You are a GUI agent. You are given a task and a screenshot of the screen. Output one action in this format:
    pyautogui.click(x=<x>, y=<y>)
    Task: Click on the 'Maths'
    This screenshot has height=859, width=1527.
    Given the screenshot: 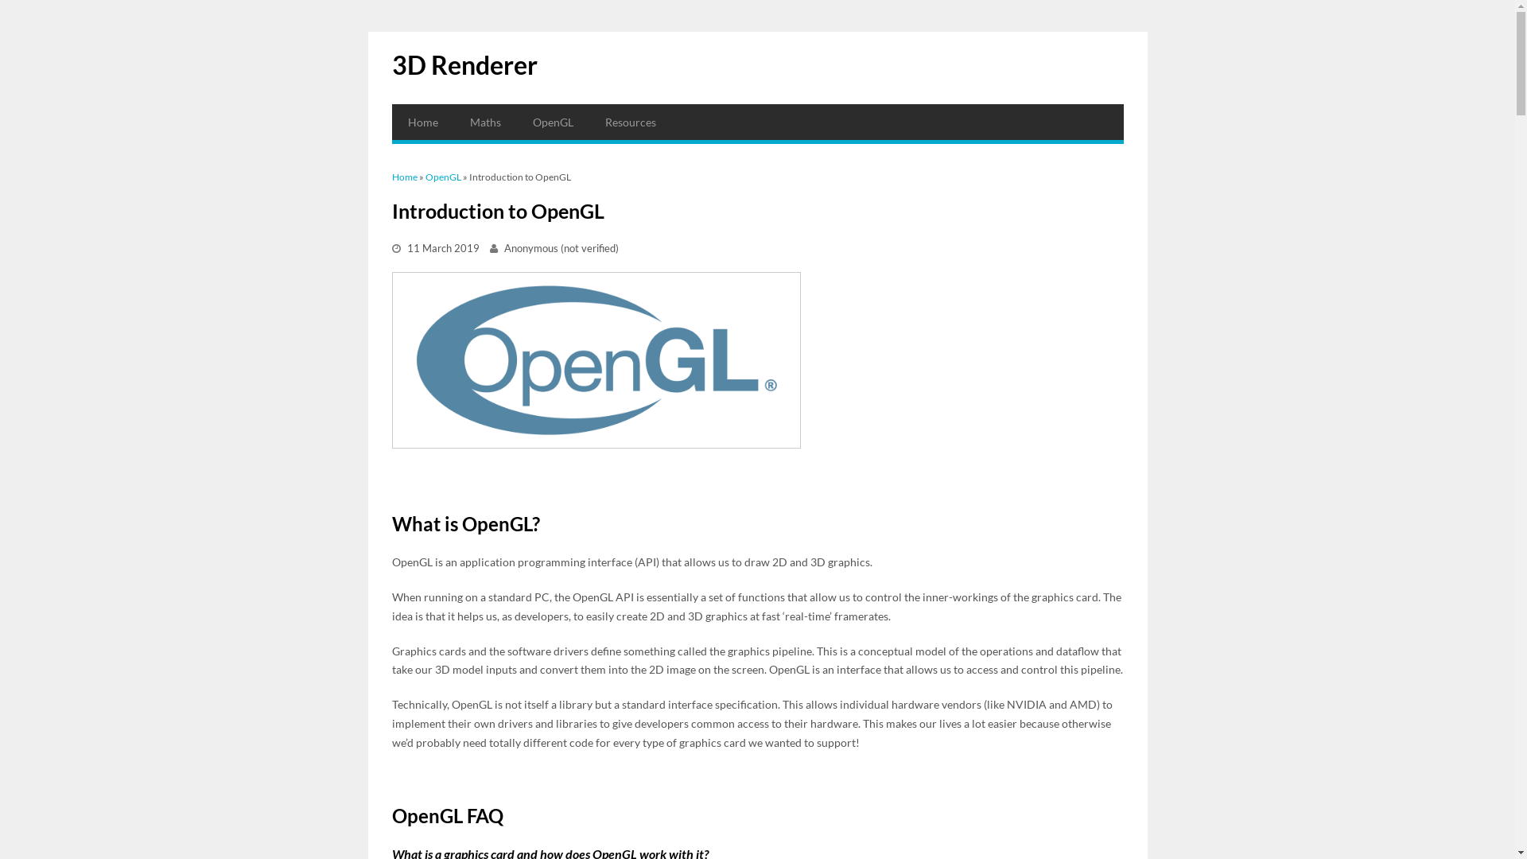 What is the action you would take?
    pyautogui.click(x=453, y=121)
    